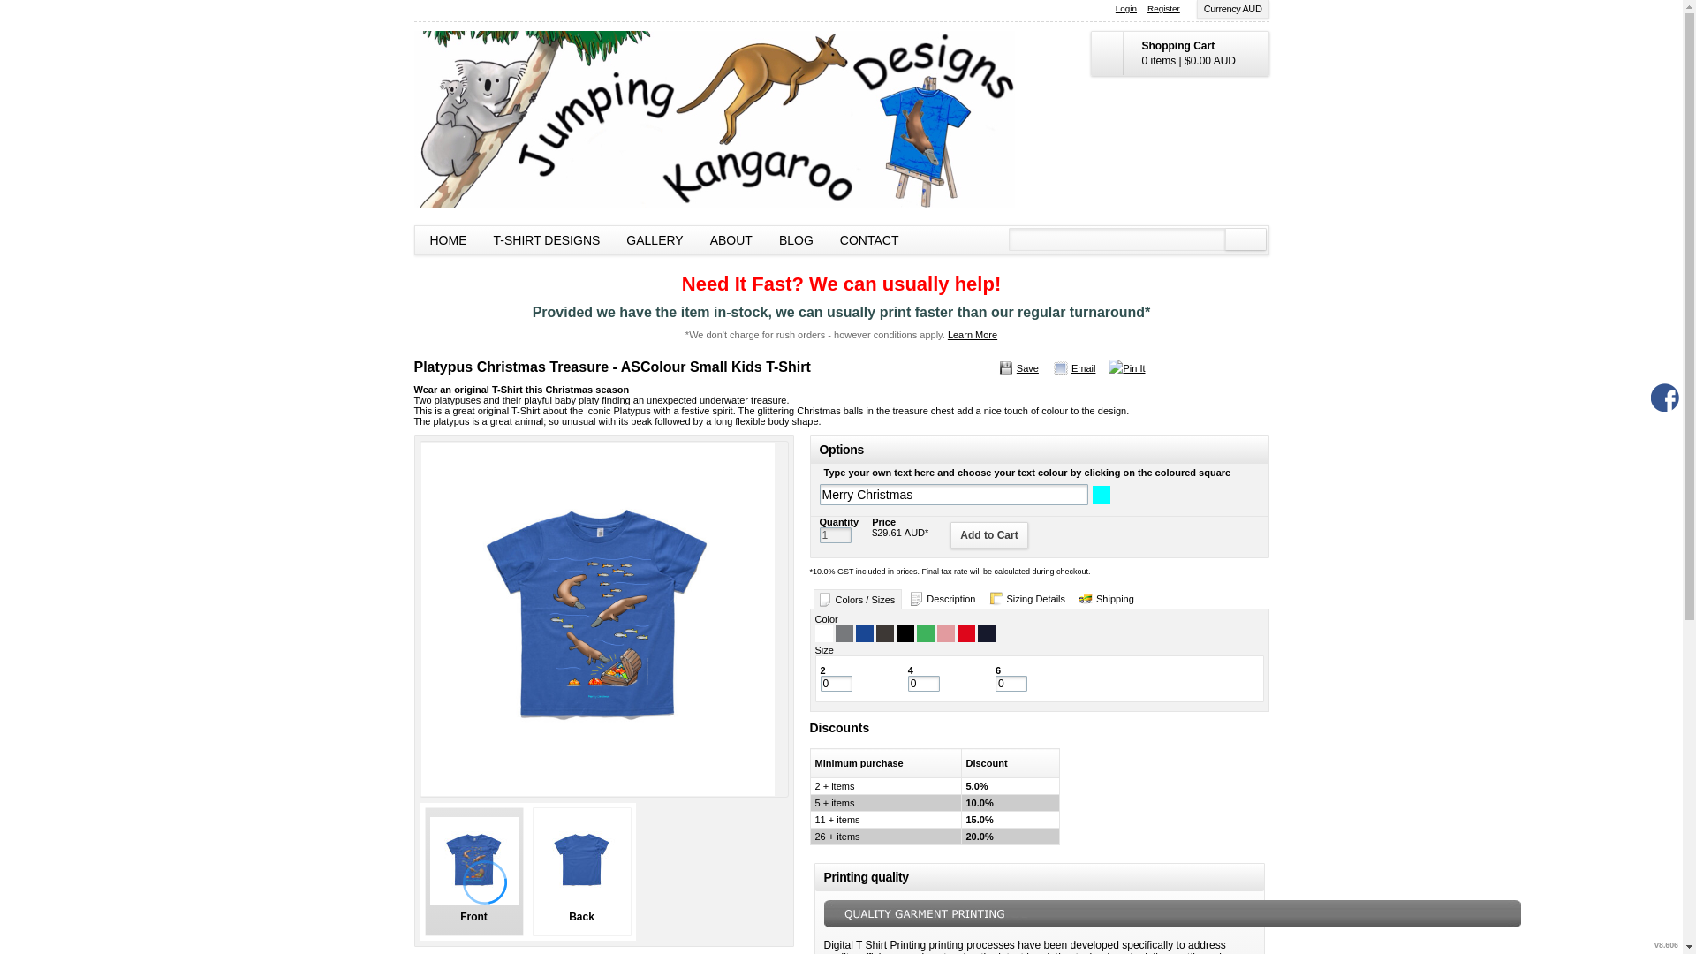 This screenshot has width=1696, height=954. Describe the element at coordinates (985, 632) in the screenshot. I see `'Navy'` at that location.